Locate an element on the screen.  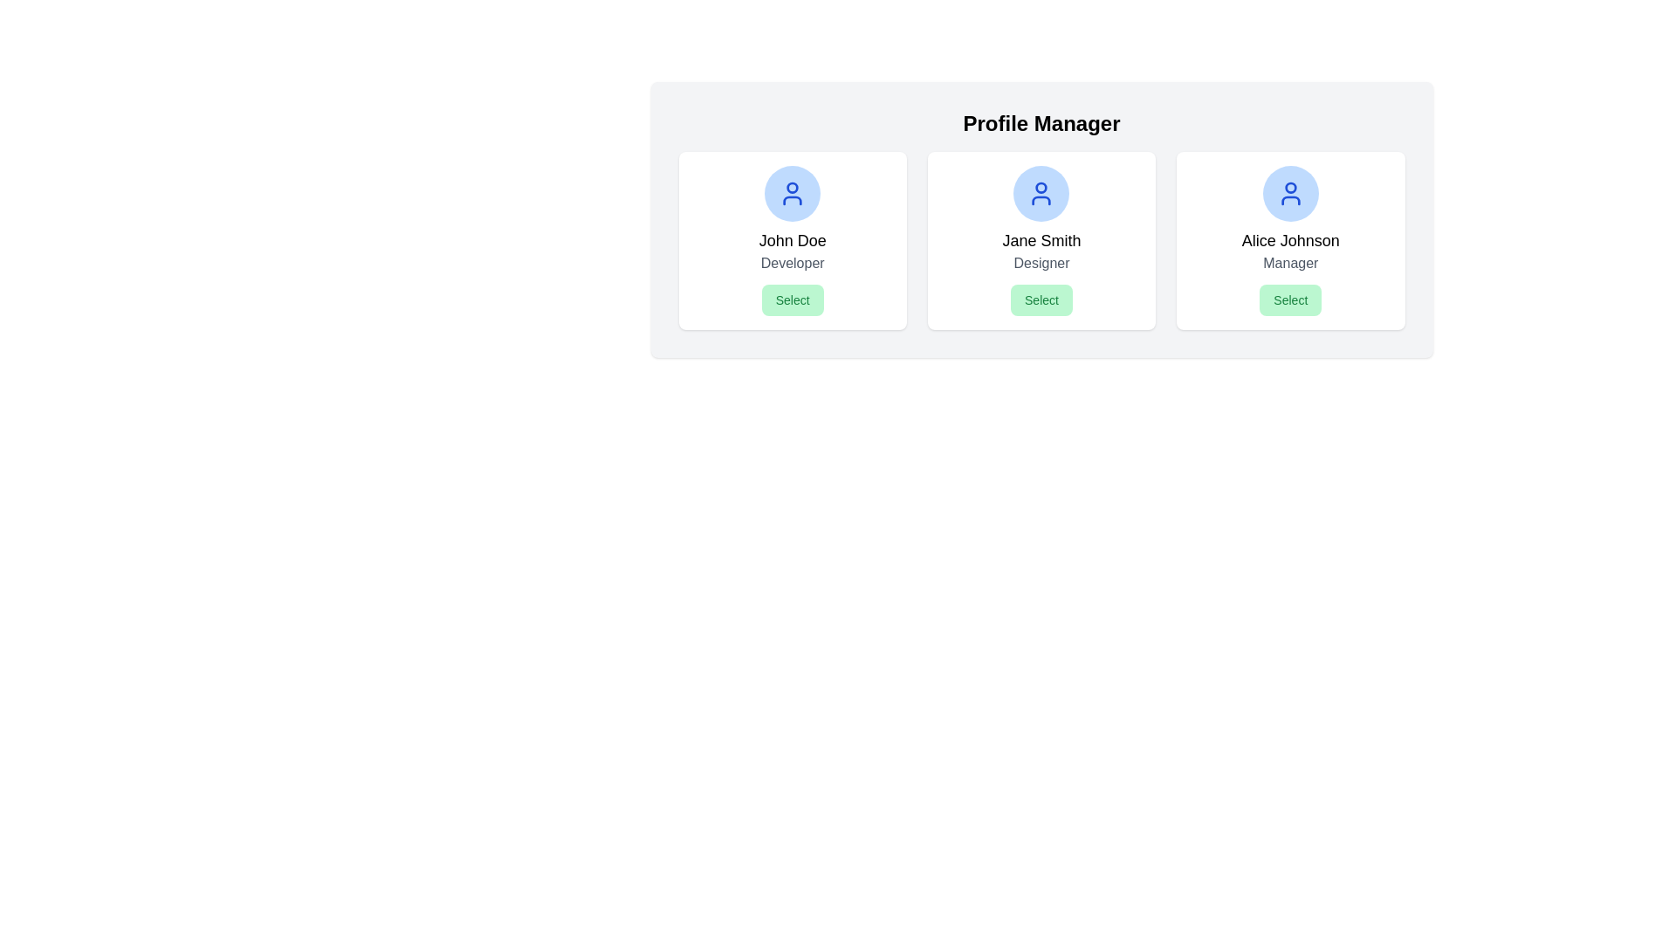
the 'Select' button at the bottom of Alice Johnson's profile card is located at coordinates (1290, 299).